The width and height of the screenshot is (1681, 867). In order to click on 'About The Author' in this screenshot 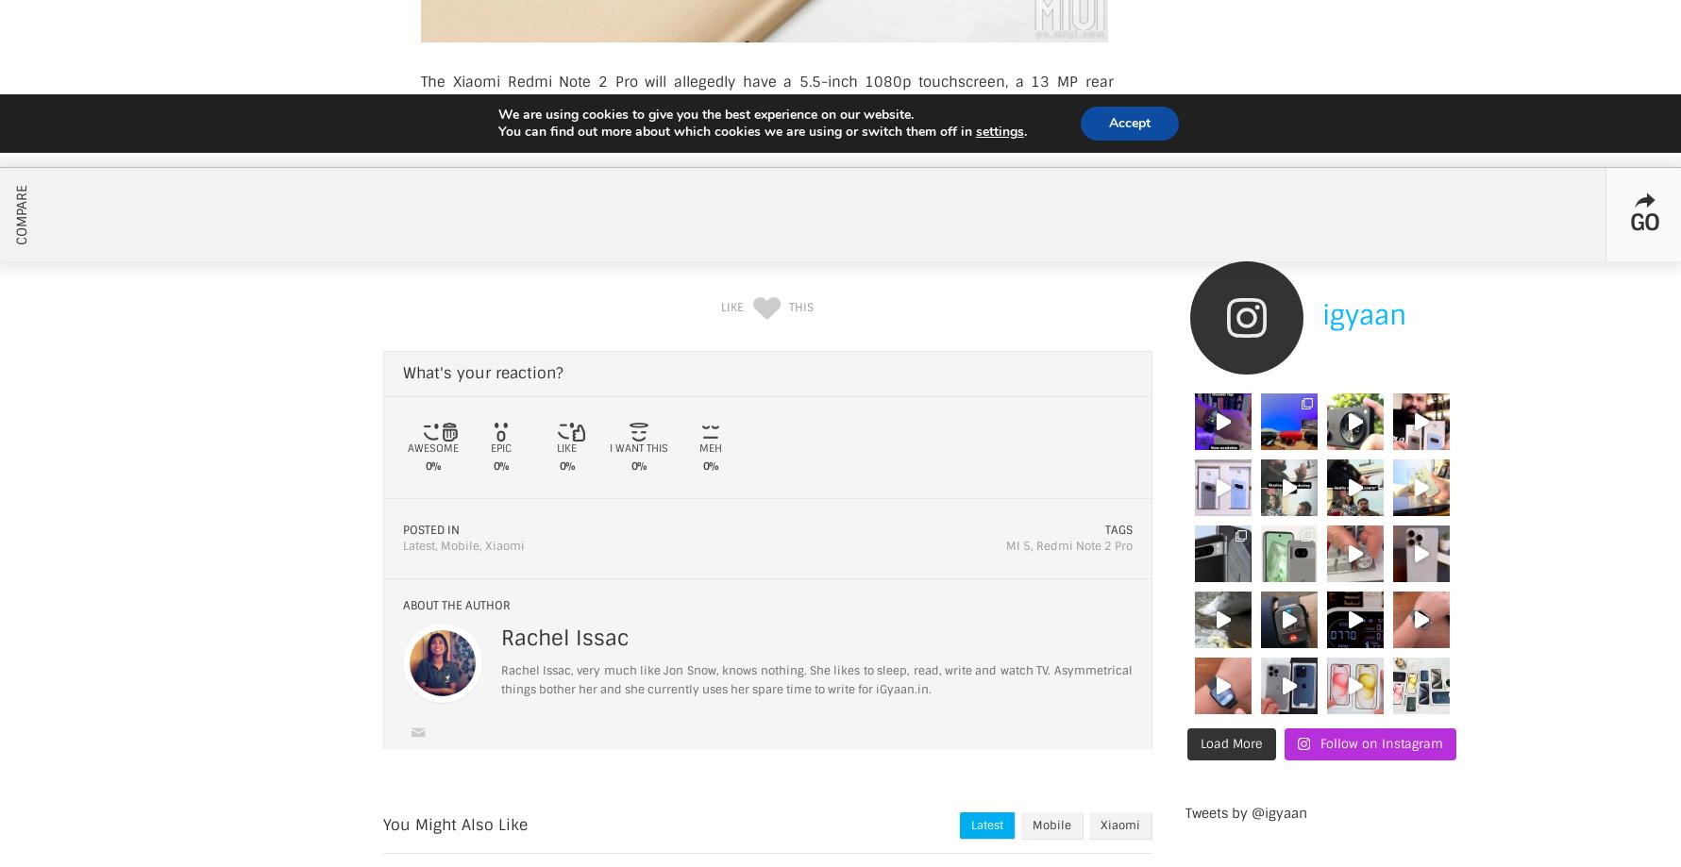, I will do `click(455, 606)`.